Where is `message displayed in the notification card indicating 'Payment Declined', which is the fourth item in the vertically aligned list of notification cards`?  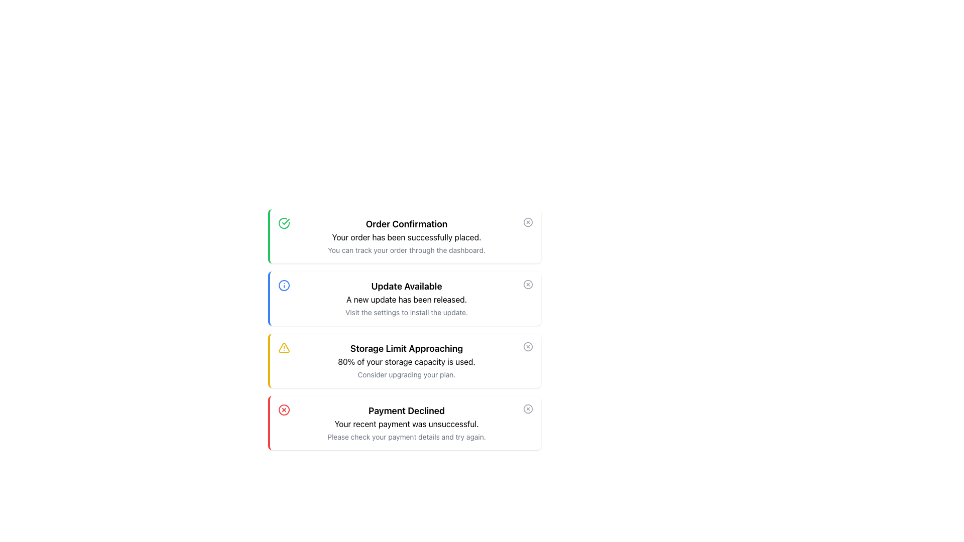
message displayed in the notification card indicating 'Payment Declined', which is the fourth item in the vertically aligned list of notification cards is located at coordinates (407, 423).